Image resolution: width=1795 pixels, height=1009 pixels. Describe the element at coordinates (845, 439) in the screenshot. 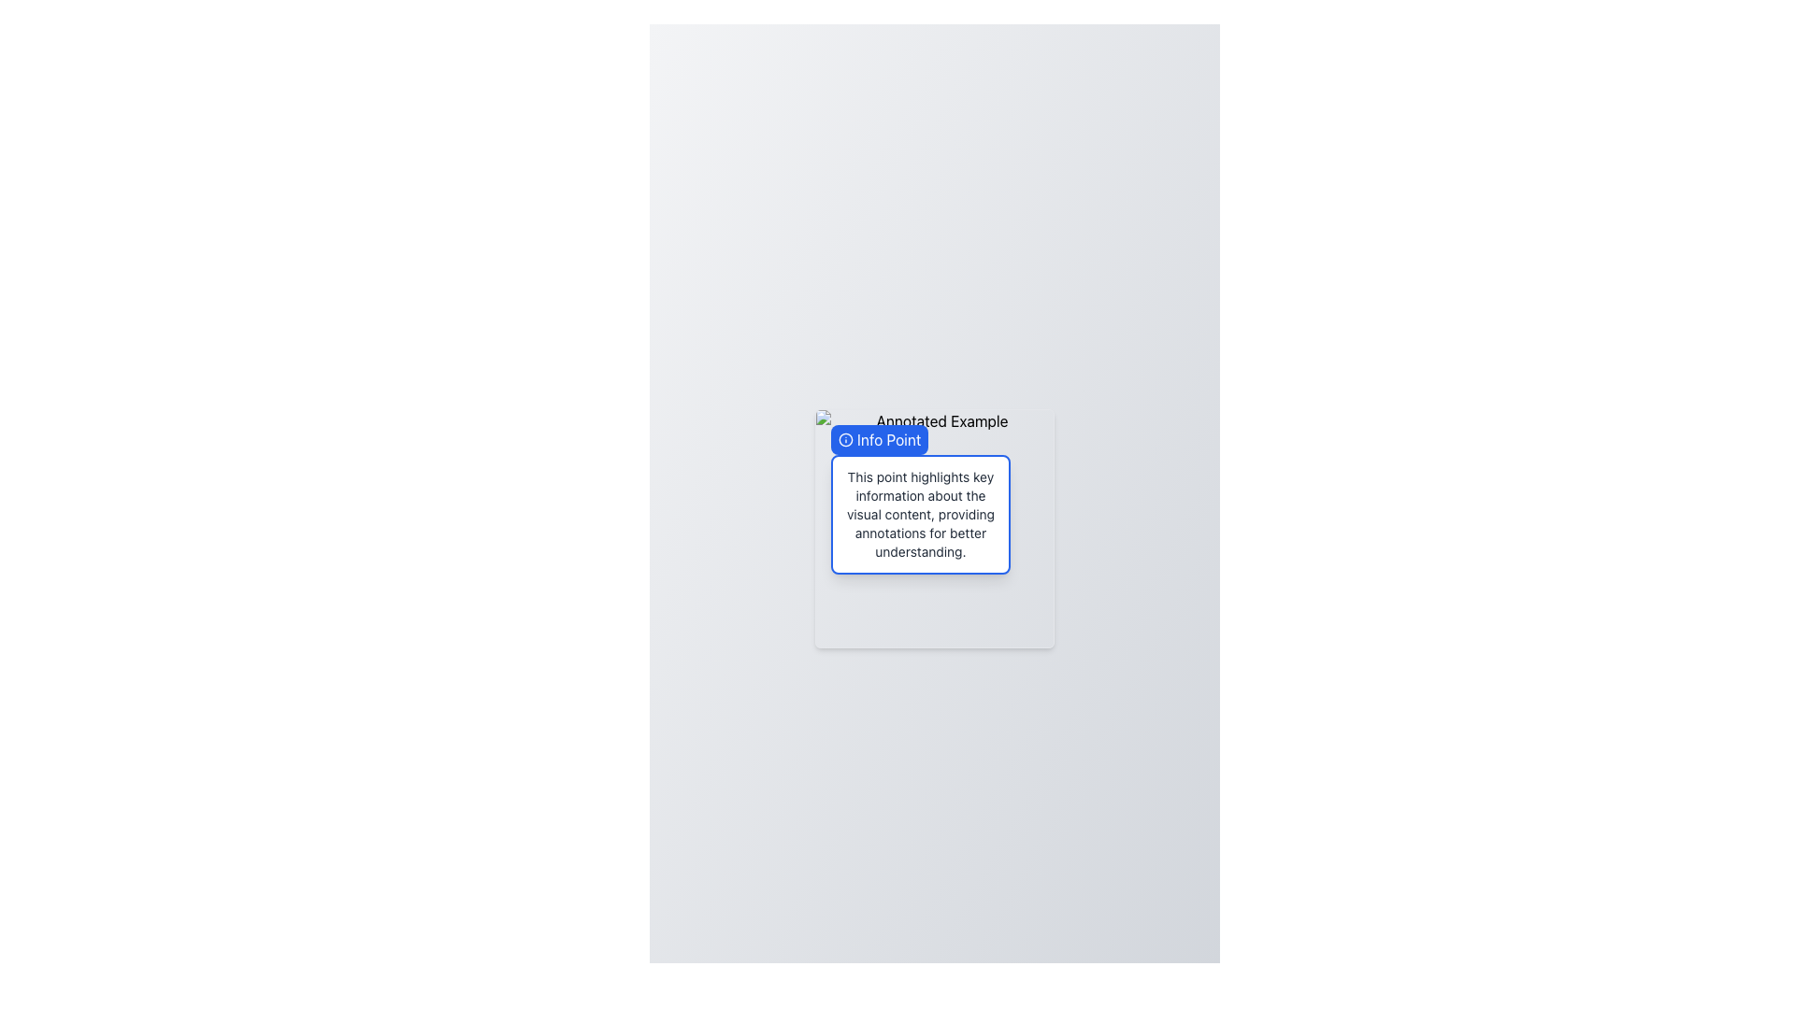

I see `the central SVG Circle element within the information icon, which has a blue outline and is located near the title 'Info Point'` at that location.